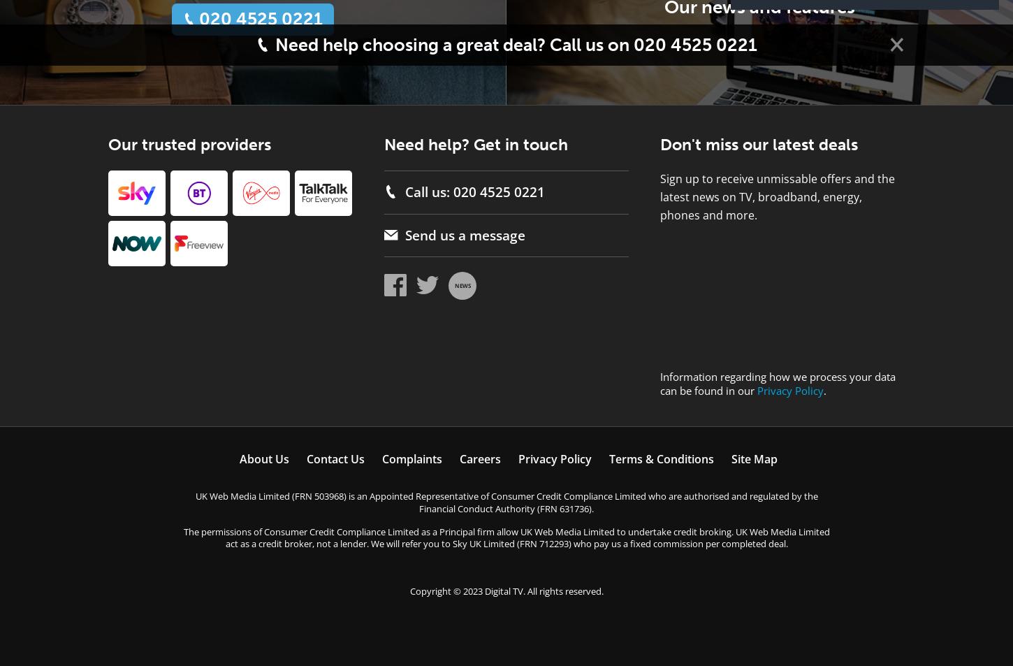  What do you see at coordinates (505, 502) in the screenshot?
I see `'UK Web Media Limited (FRN 503968) is an Appointed Representative of Consumer Credit Compliance Limited who are authorised and regulated by the Financial Conduct Authority (FRN 631736).'` at bounding box center [505, 502].